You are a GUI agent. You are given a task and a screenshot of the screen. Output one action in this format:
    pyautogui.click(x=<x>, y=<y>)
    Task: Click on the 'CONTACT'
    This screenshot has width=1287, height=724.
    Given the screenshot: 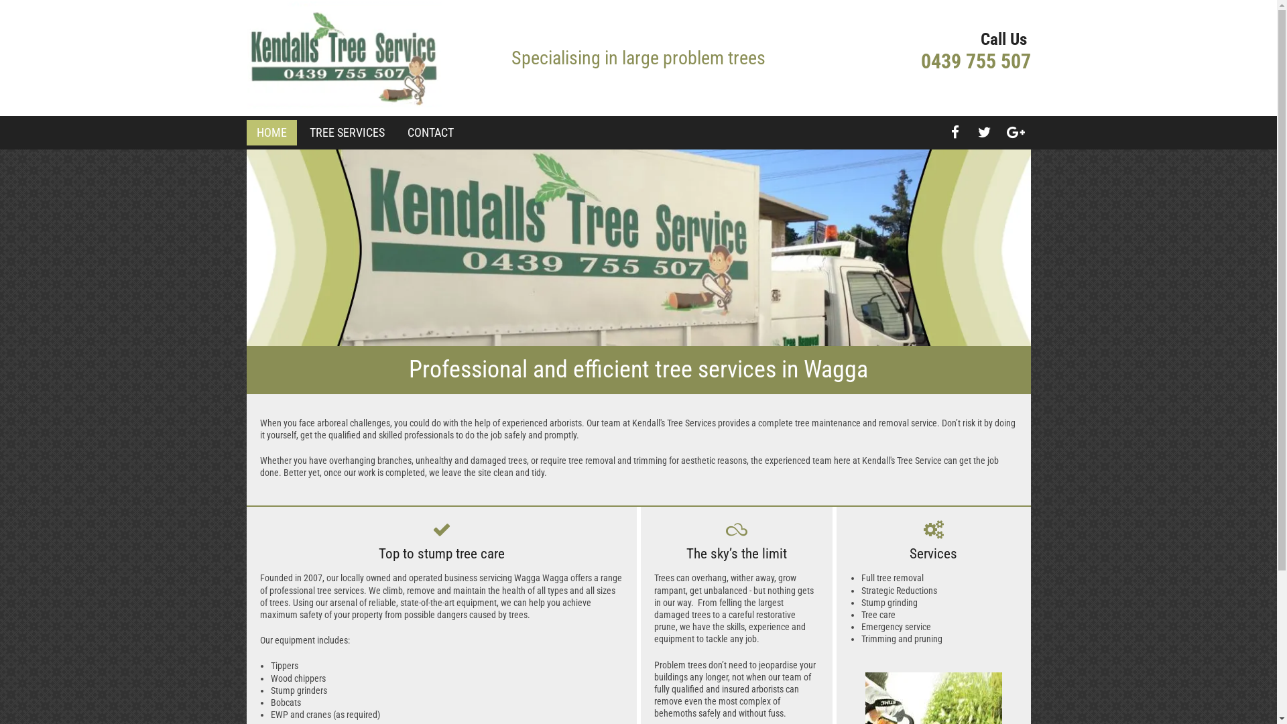 What is the action you would take?
    pyautogui.click(x=407, y=132)
    